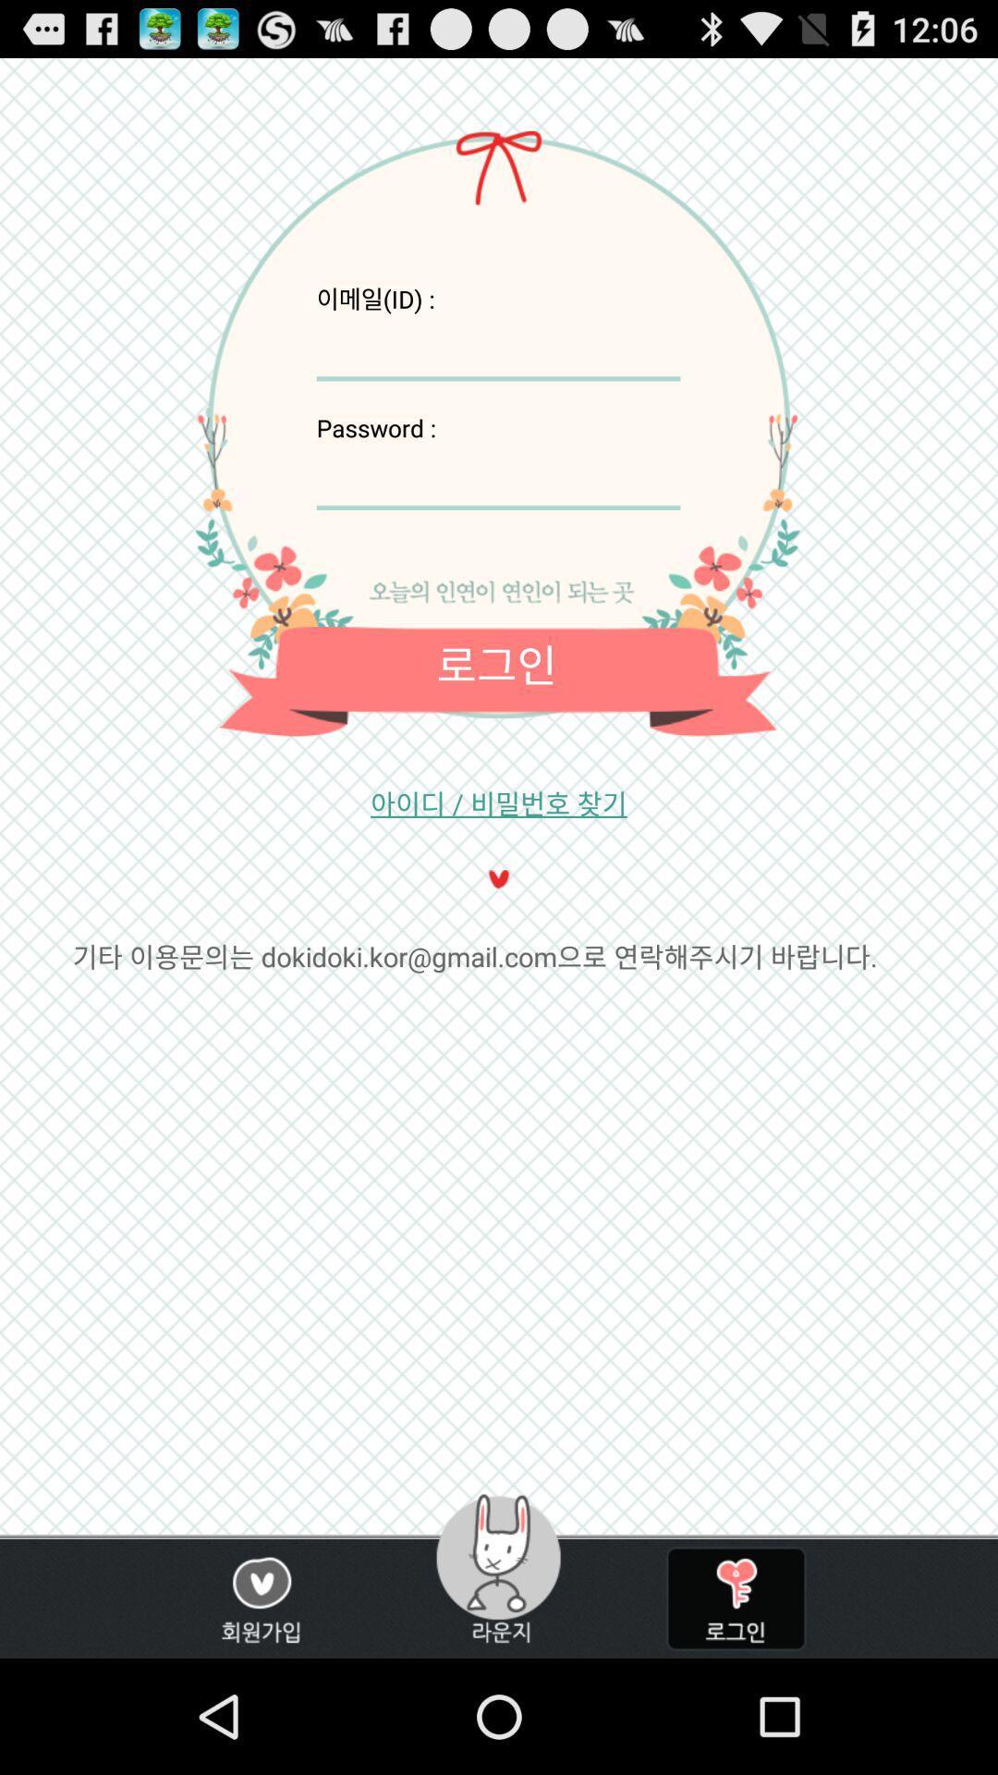  Describe the element at coordinates (497, 348) in the screenshot. I see `input user name` at that location.